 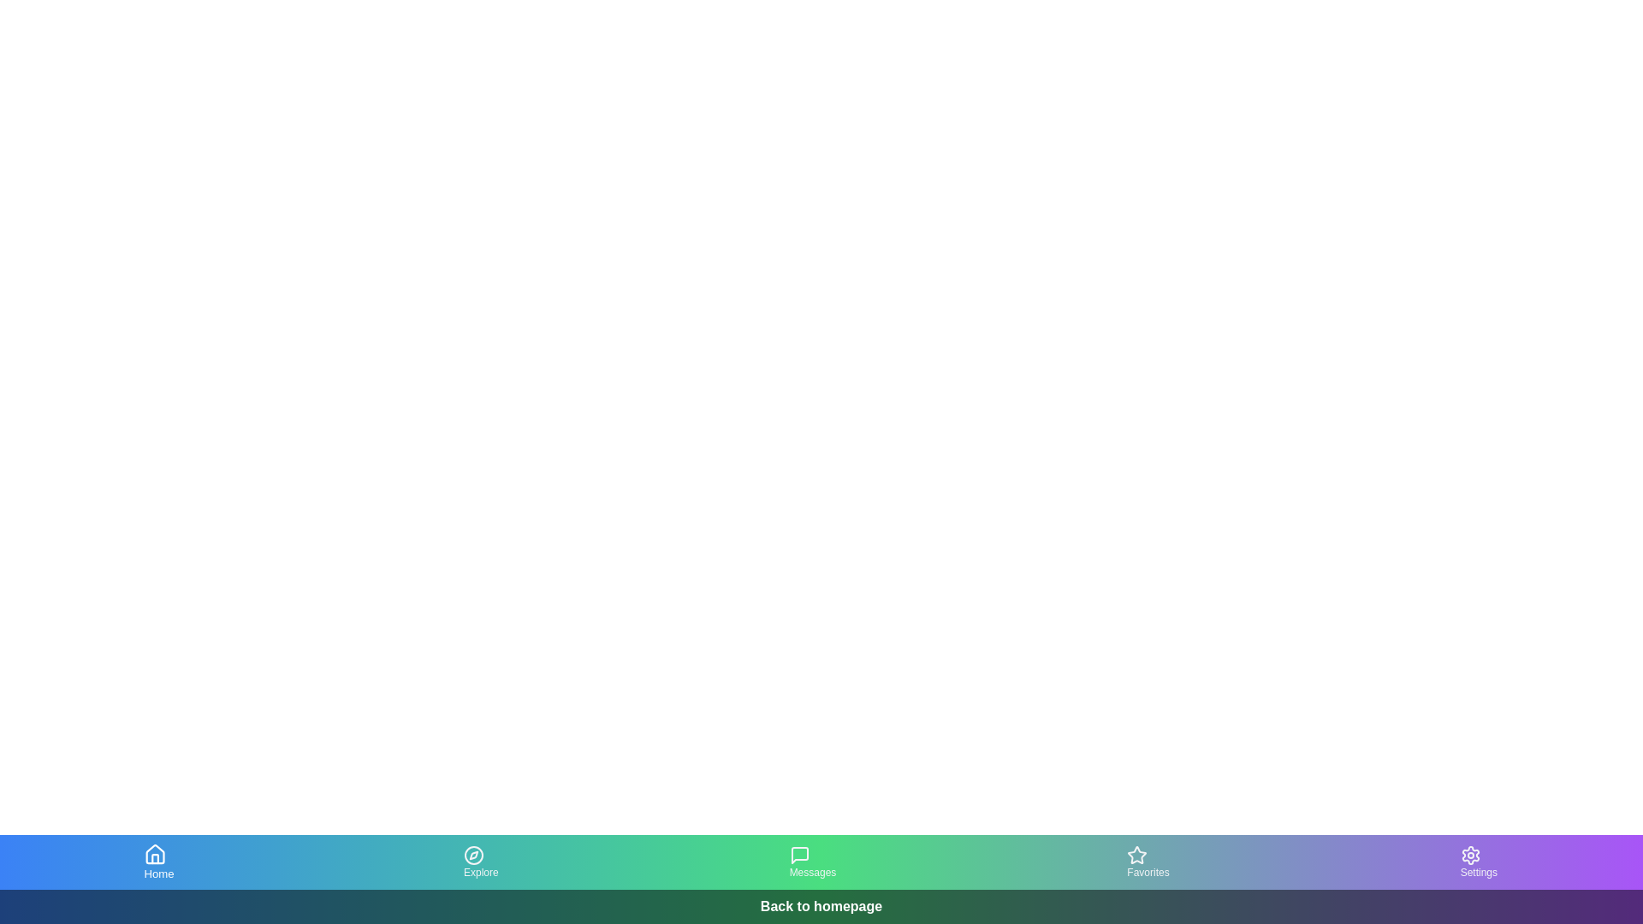 I want to click on the Explore tab in the bottom navigation bar, so click(x=480, y=862).